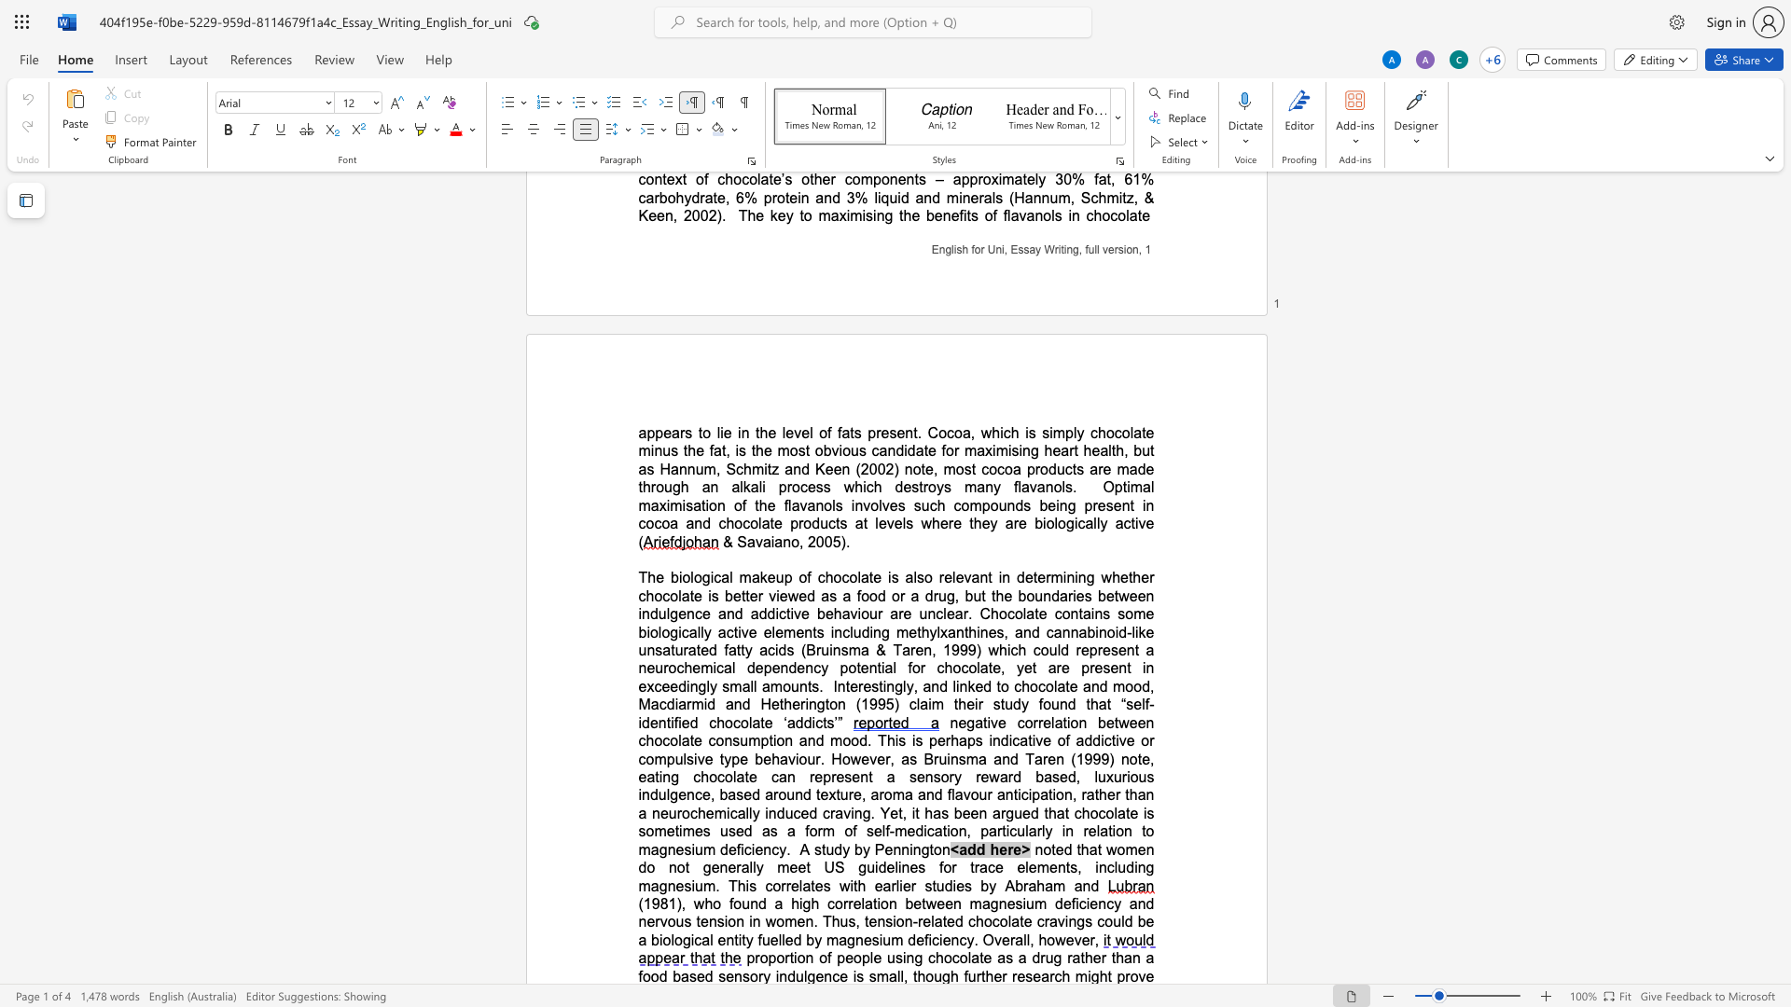 This screenshot has width=1791, height=1007. What do you see at coordinates (891, 576) in the screenshot?
I see `the space between the continuous character "i" and "s" in the text` at bounding box center [891, 576].